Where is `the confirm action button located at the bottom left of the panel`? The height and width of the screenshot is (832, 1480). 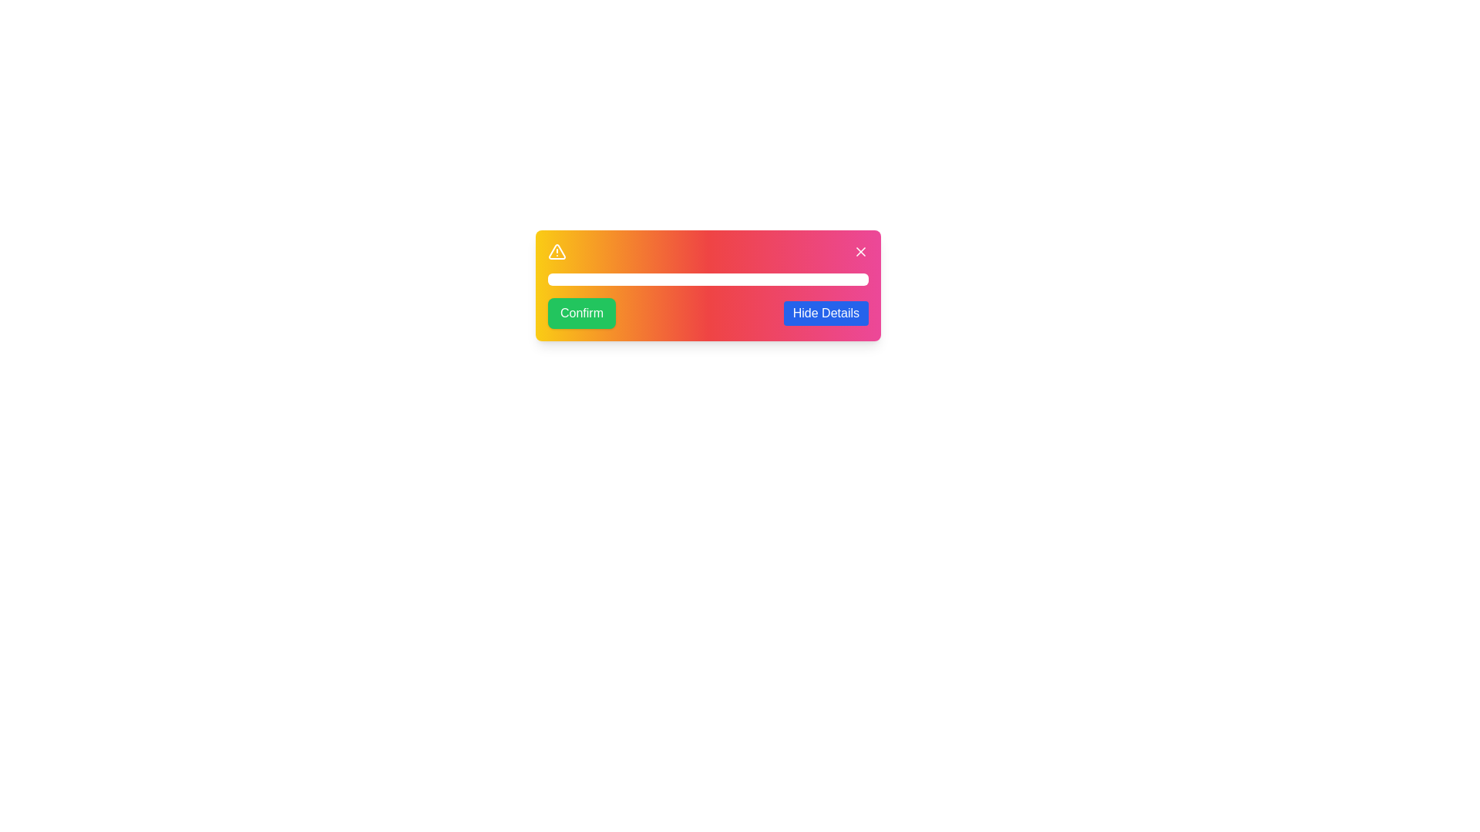 the confirm action button located at the bottom left of the panel is located at coordinates (580, 313).